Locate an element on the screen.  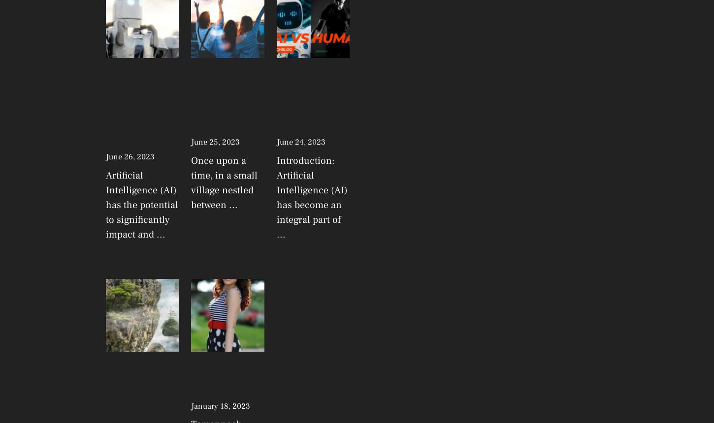
'AI is the future of changing economies… Artificial intelligence grow in India' is located at coordinates (138, 106).